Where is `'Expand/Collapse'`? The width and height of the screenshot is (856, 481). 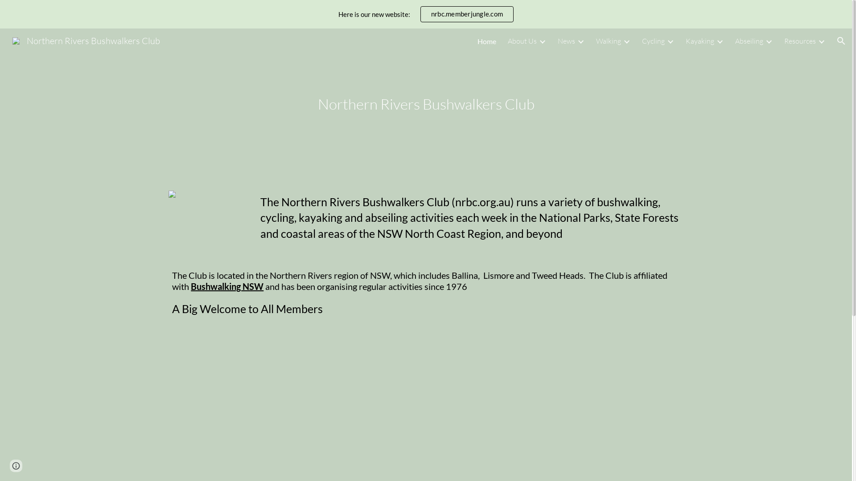 'Expand/Collapse' is located at coordinates (576, 41).